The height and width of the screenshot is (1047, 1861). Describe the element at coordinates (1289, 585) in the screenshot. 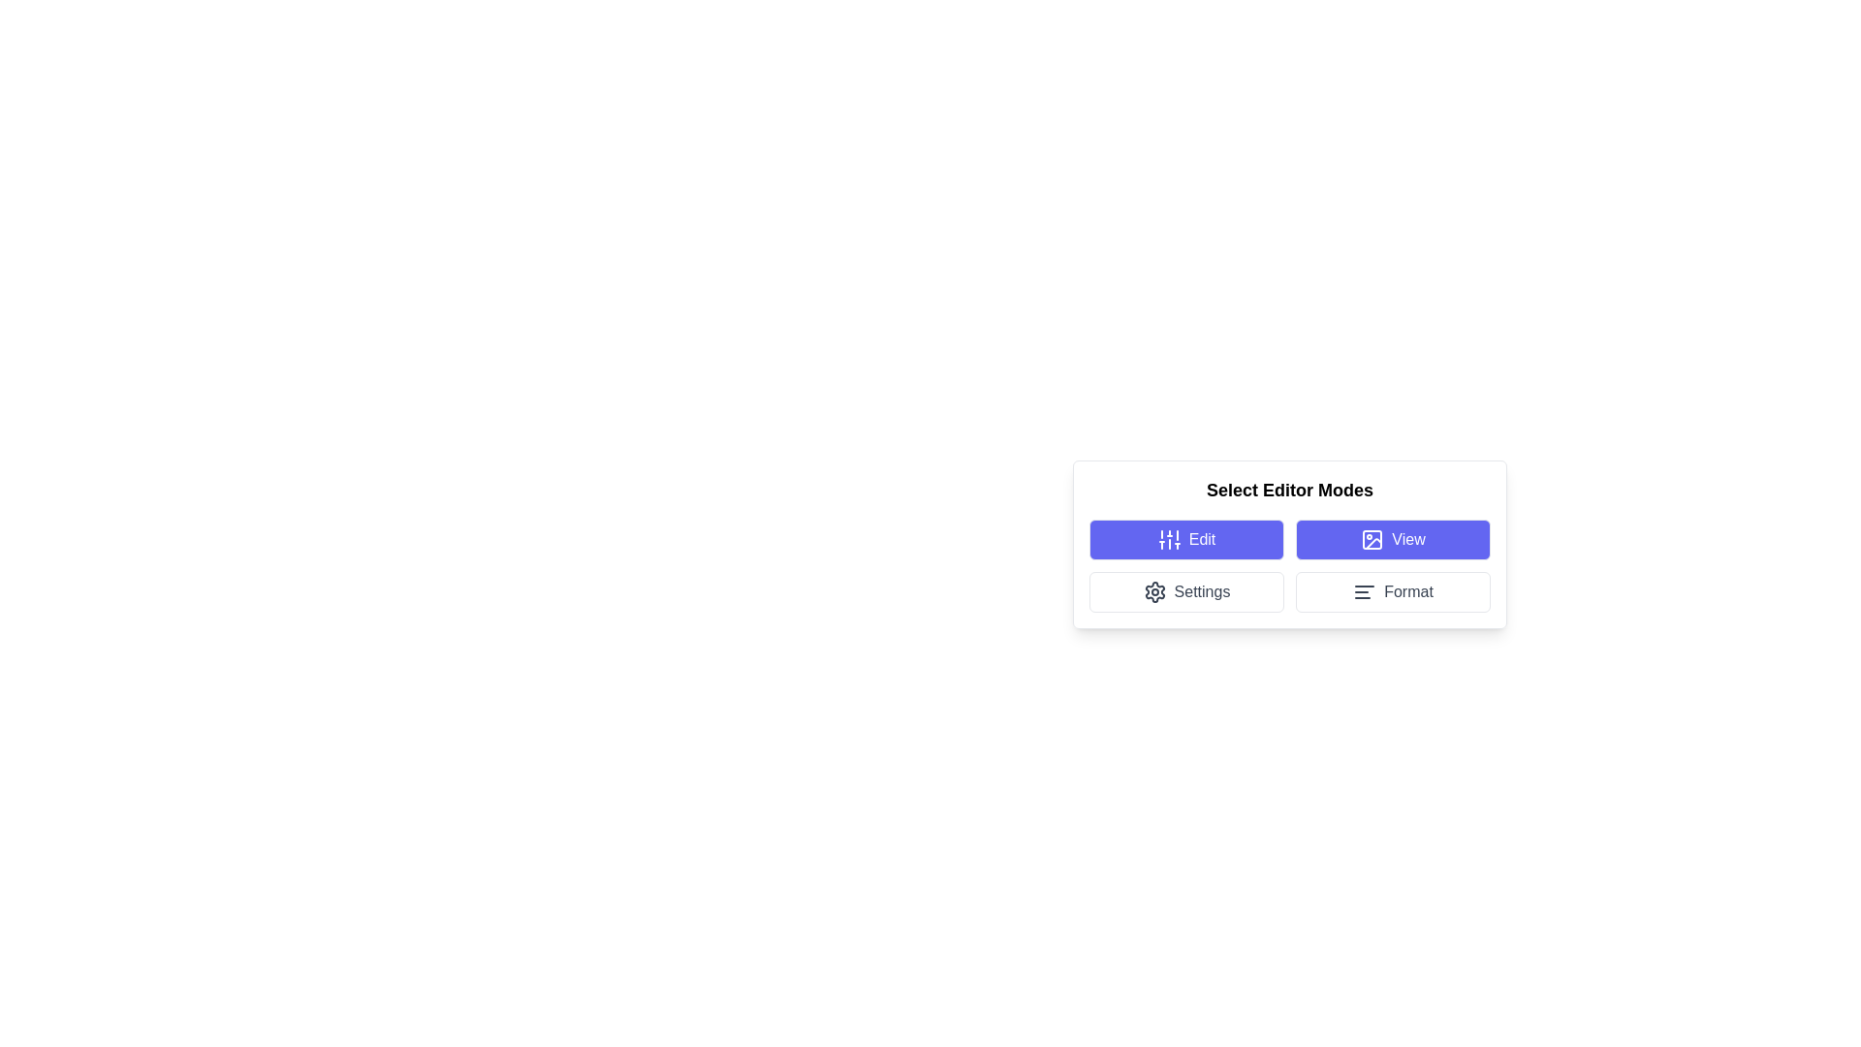

I see `the 'Format' button in the modal dialog for selecting editor modes to adjust formatting styles` at that location.